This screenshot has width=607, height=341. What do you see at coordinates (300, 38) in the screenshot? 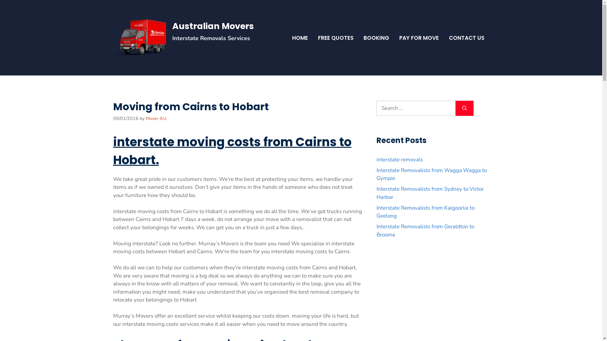
I see `'HOME'` at bounding box center [300, 38].